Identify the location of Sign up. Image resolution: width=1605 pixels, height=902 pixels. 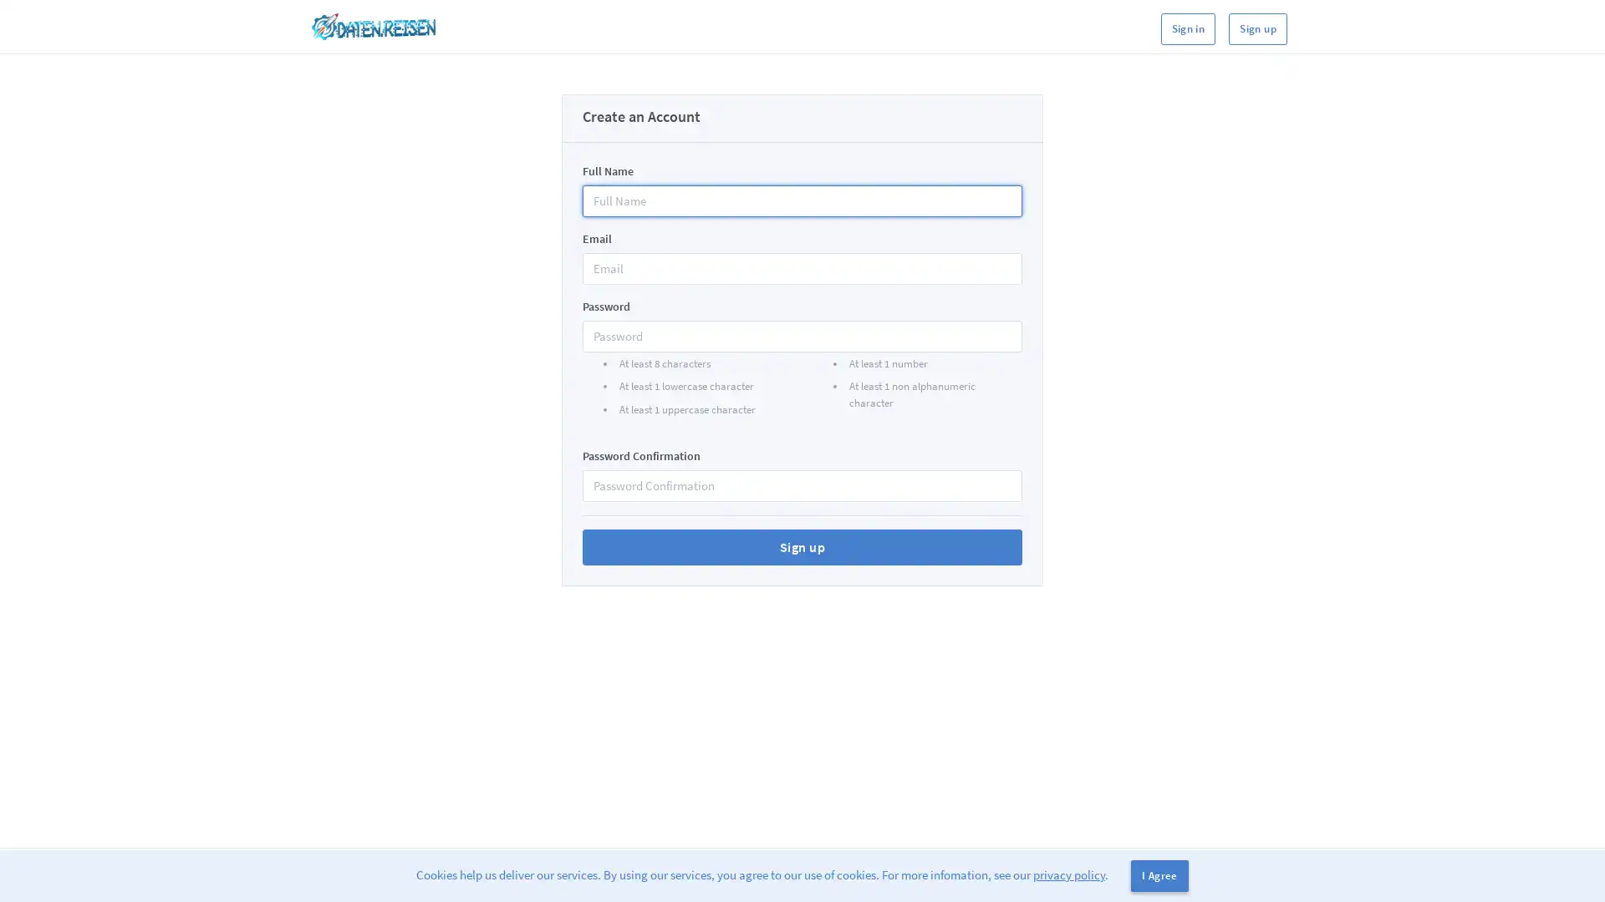
(802, 547).